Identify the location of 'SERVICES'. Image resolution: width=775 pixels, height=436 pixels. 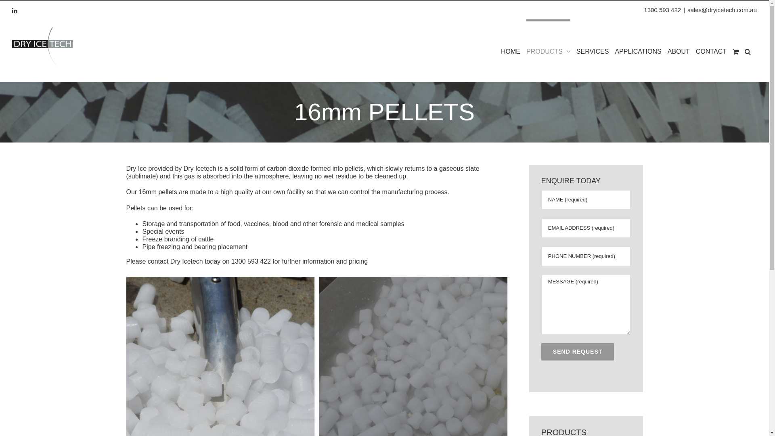
(593, 50).